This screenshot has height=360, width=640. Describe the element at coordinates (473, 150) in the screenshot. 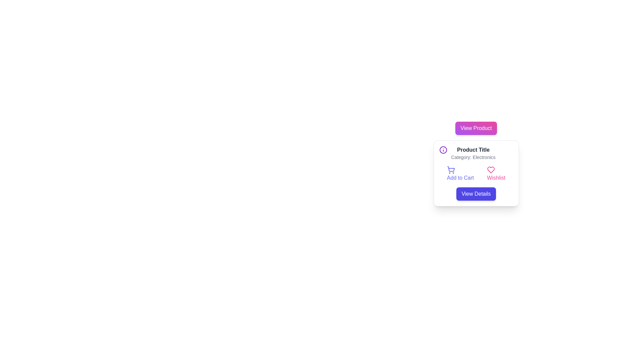

I see `the title text label located within the informational card, situated below the 'View Product' icon and above the 'Category: Electronics' text` at that location.